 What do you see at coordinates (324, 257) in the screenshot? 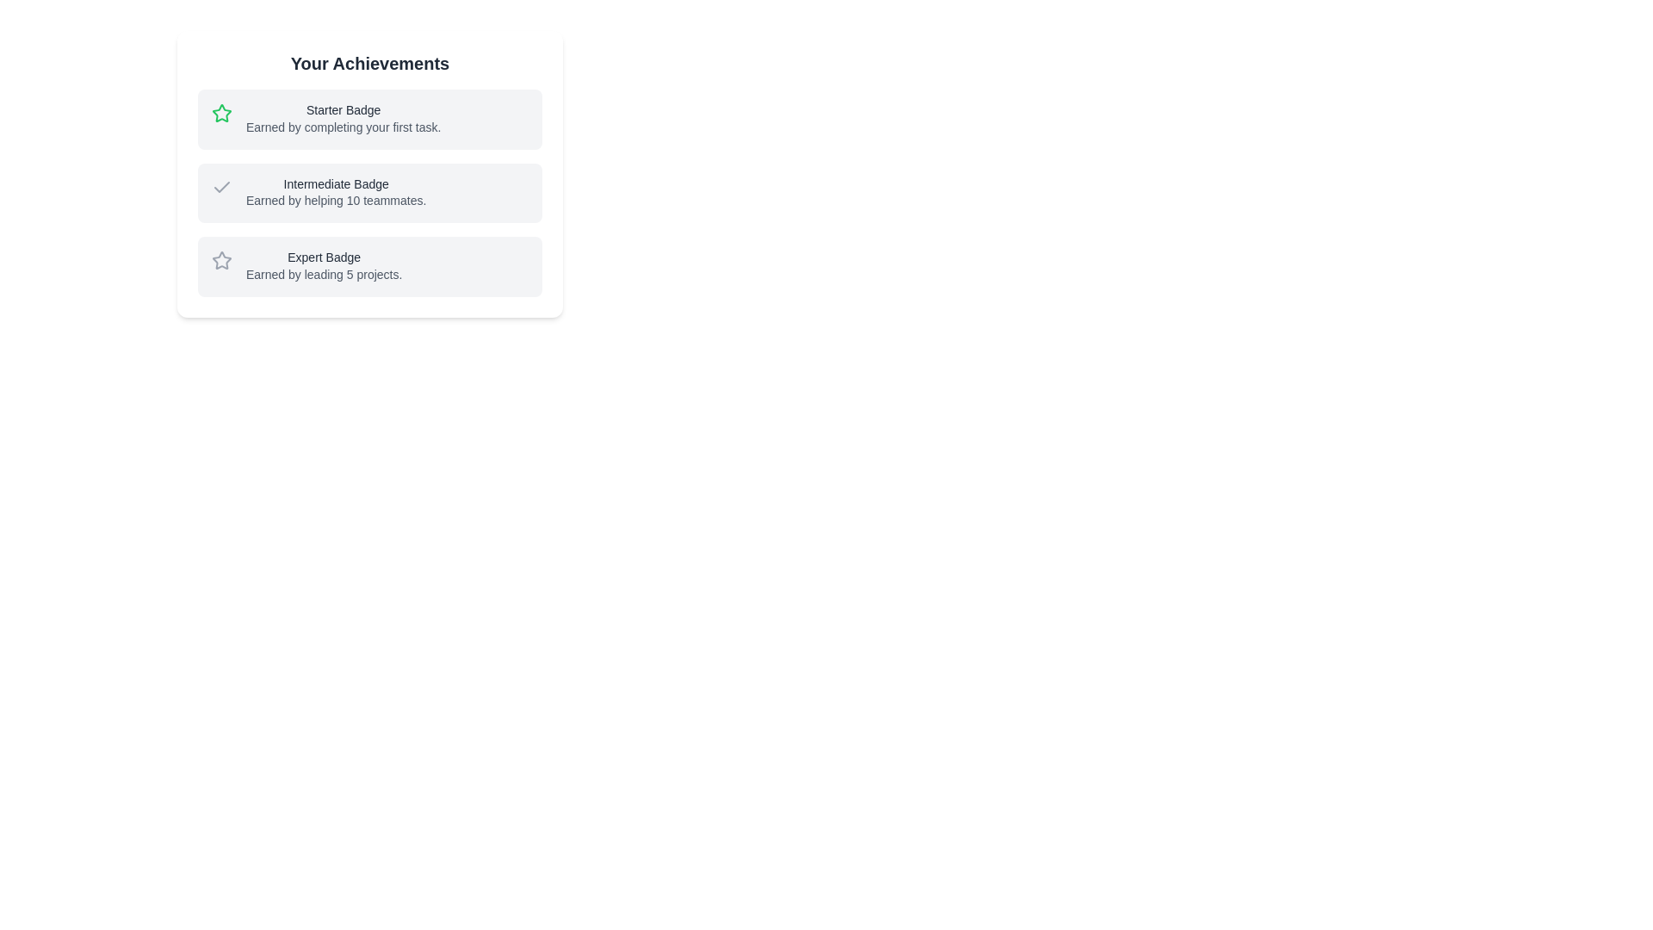
I see `text of the 'Expert Badge' label, which is styled in a medium font weight and dark gray color, located within the achievements list under 'Your Achievements.'` at bounding box center [324, 257].